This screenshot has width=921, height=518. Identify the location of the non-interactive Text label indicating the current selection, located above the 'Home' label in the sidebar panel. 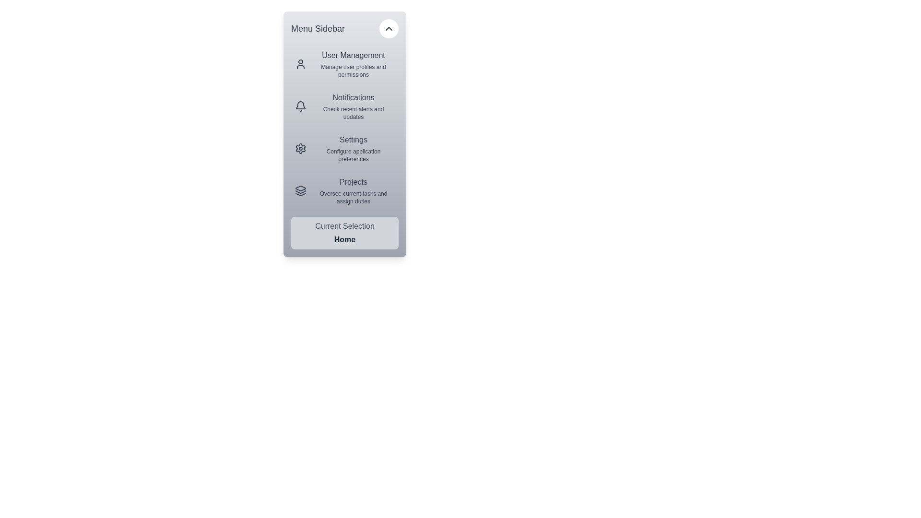
(345, 226).